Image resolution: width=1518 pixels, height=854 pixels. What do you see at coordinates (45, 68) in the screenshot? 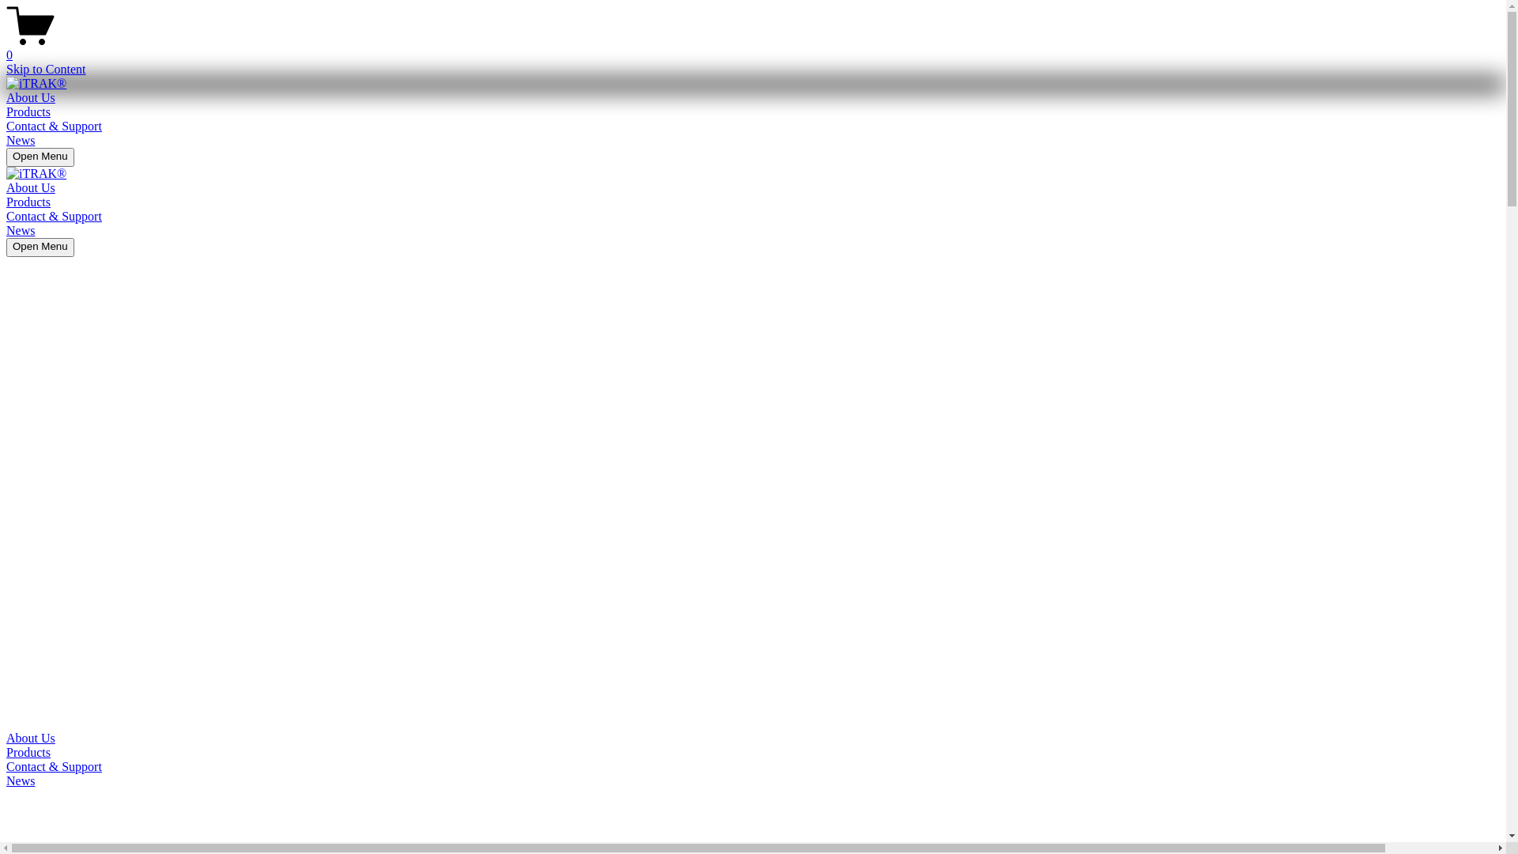
I see `'Skip to Content'` at bounding box center [45, 68].